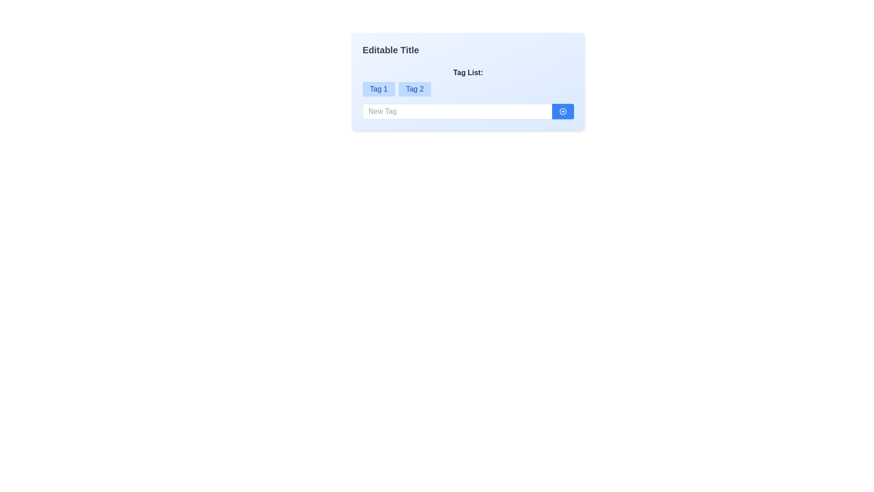 This screenshot has width=874, height=492. Describe the element at coordinates (562, 111) in the screenshot. I see `the visual state of the circular icon at the right end of the 'New Tag' input bar, which indicates addition or selection functionality` at that location.